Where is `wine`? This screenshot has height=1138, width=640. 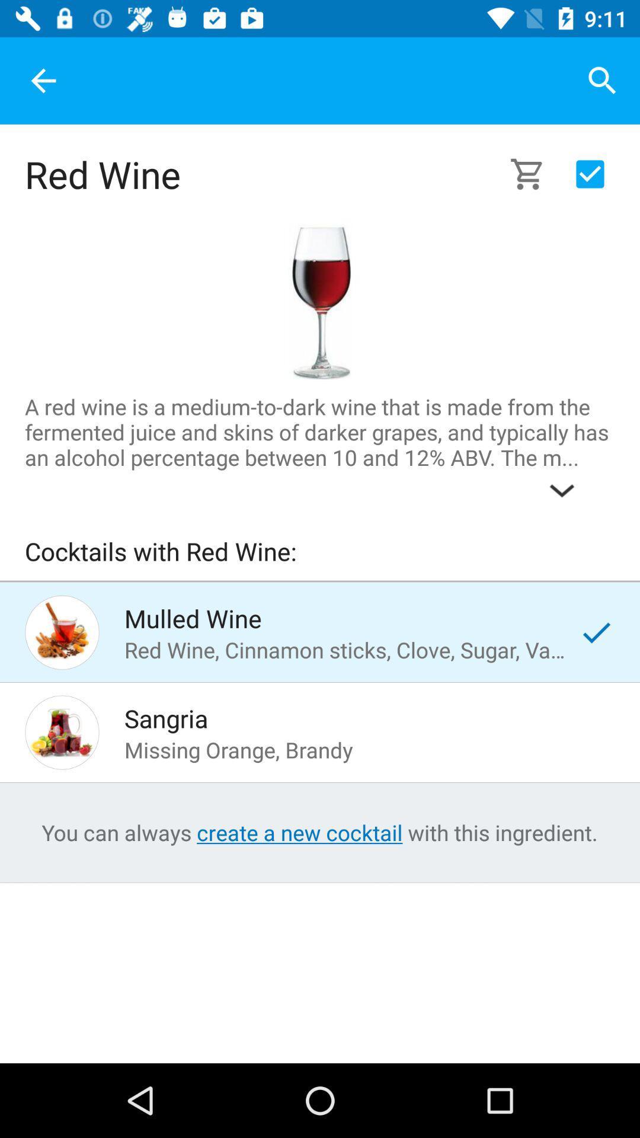
wine is located at coordinates (319, 302).